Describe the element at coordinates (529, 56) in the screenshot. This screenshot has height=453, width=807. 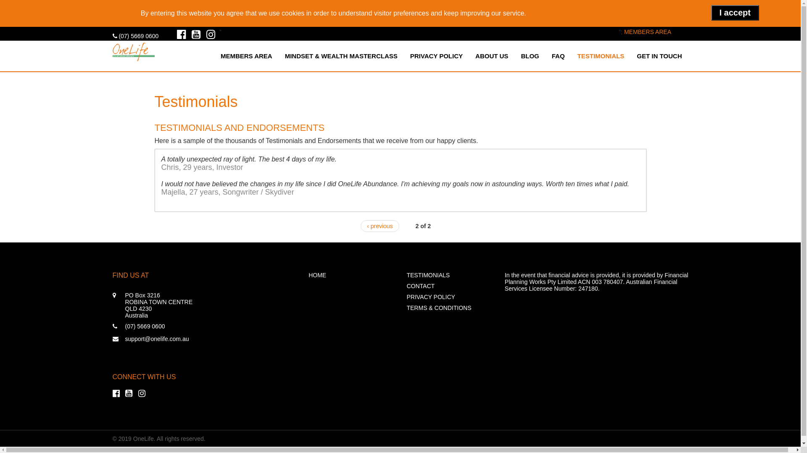
I see `'BLOG'` at that location.